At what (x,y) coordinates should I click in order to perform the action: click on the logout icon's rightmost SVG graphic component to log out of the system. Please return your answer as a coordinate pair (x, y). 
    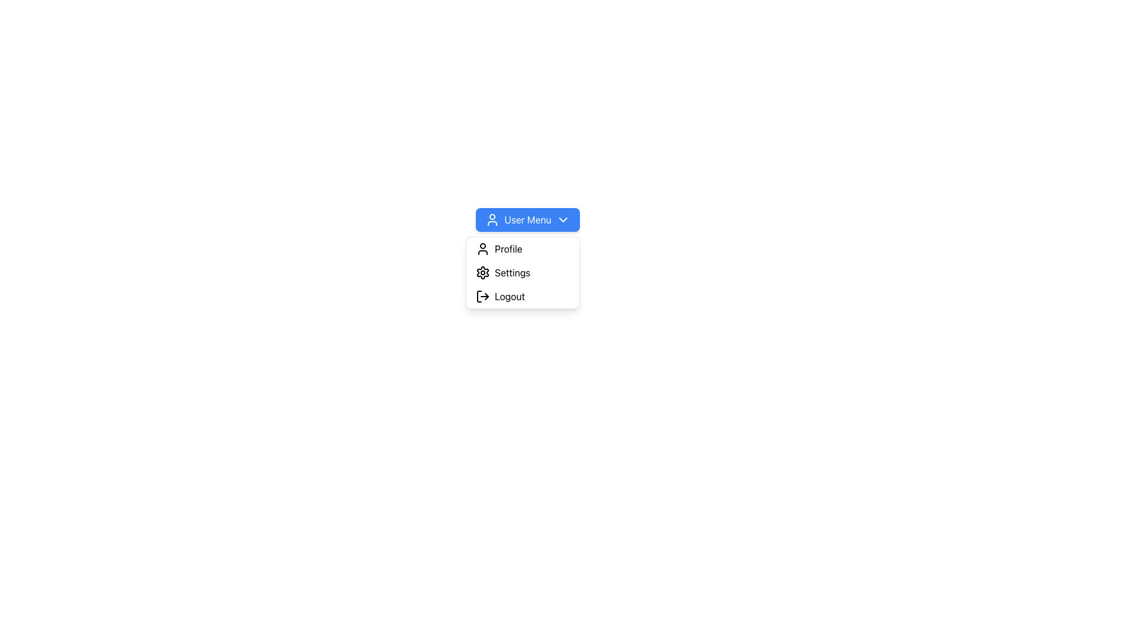
    Looking at the image, I should click on (487, 295).